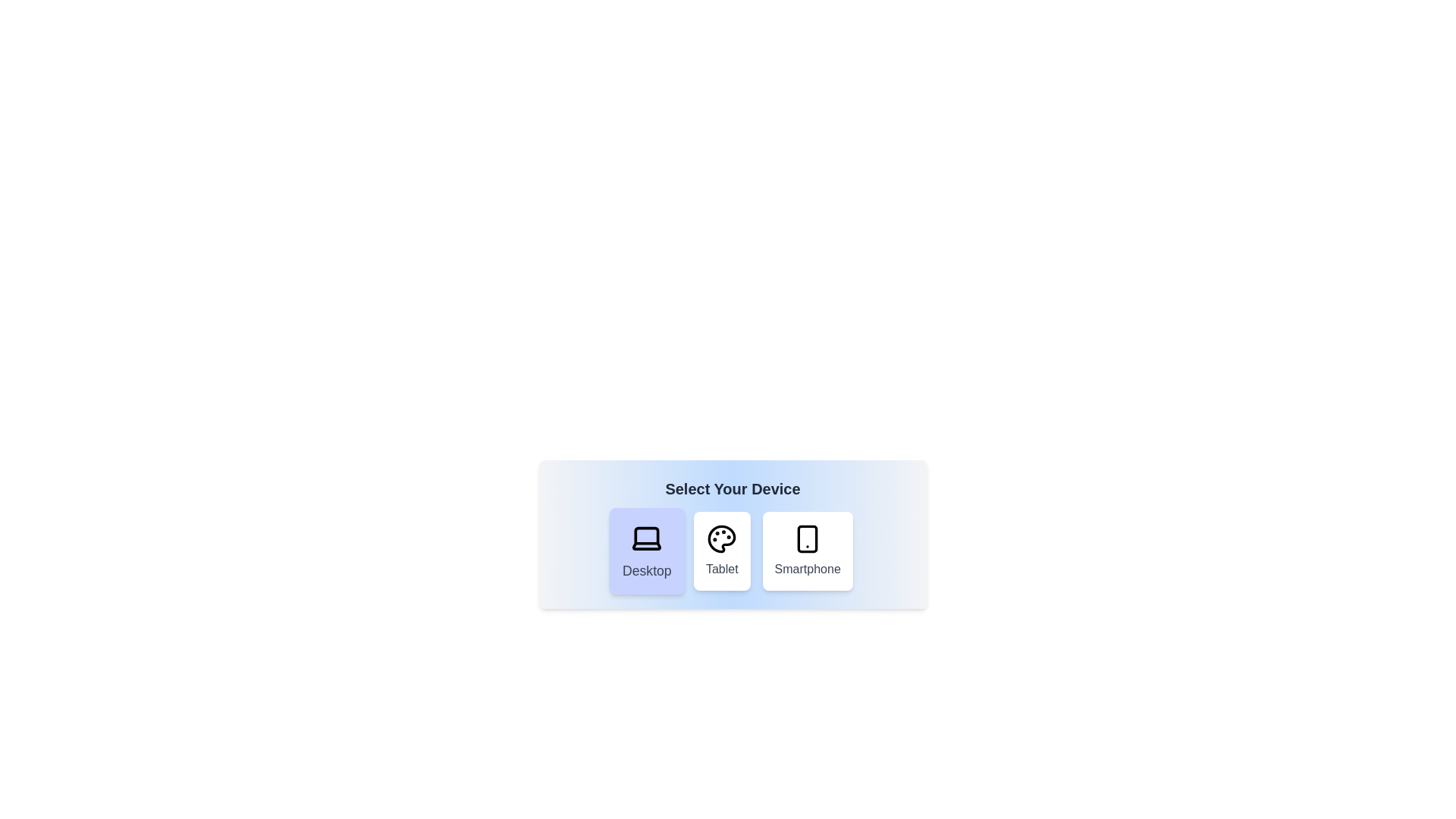 The image size is (1456, 819). What do you see at coordinates (721, 538) in the screenshot?
I see `the 'Tablet' icon which is centrally positioned within the button labeled 'Tablet' in a horizontal row of buttons for device options` at bounding box center [721, 538].